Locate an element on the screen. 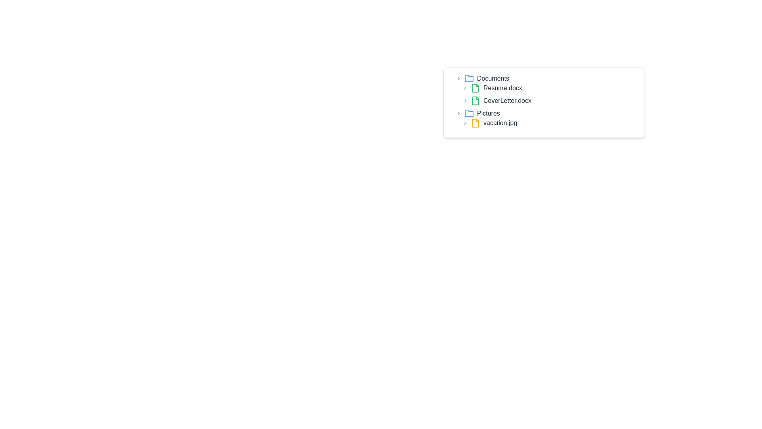 The image size is (762, 429). the text label 'CoverLetter.docx', which is styled in medium gray and bold, located in the hierarchical file list under the 'Documents' folder is located at coordinates (507, 100).